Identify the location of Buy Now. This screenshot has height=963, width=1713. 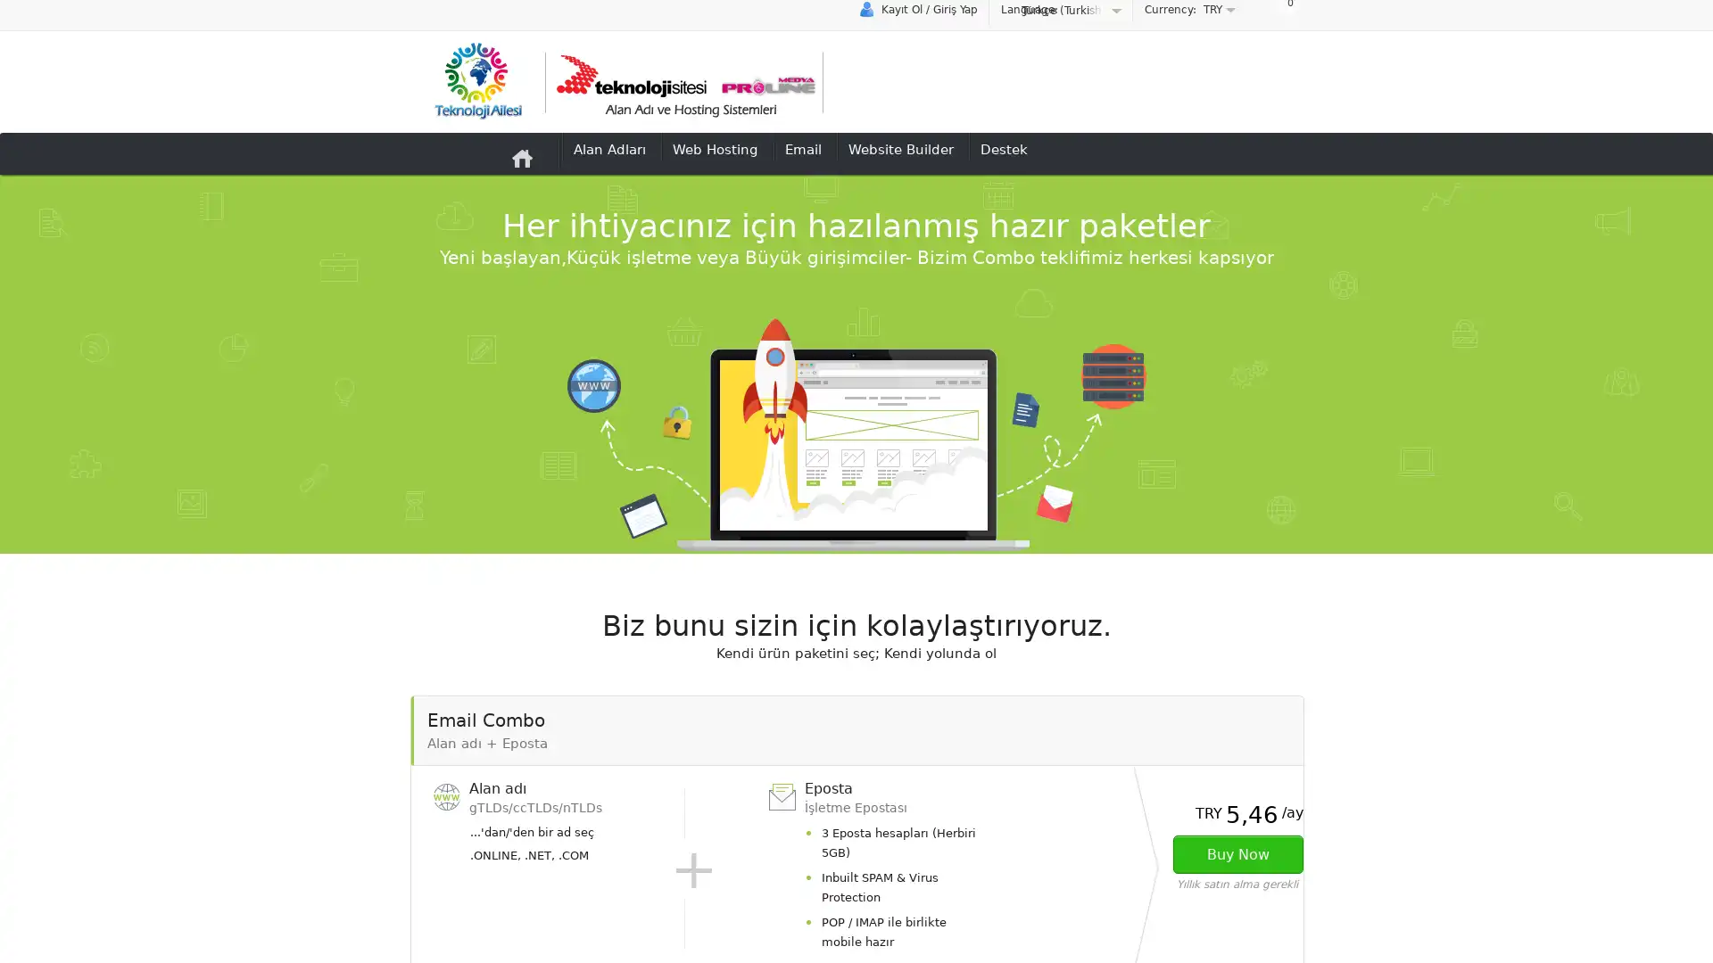
(1237, 853).